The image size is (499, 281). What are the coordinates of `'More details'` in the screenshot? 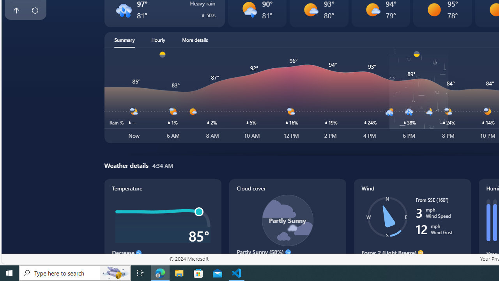 It's located at (195, 39).